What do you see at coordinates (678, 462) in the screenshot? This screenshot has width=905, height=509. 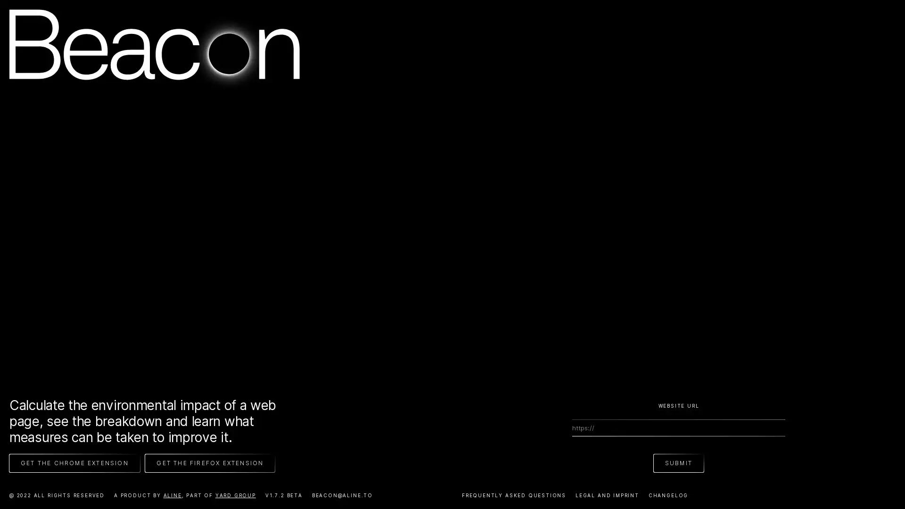 I see `SUBMIT` at bounding box center [678, 462].